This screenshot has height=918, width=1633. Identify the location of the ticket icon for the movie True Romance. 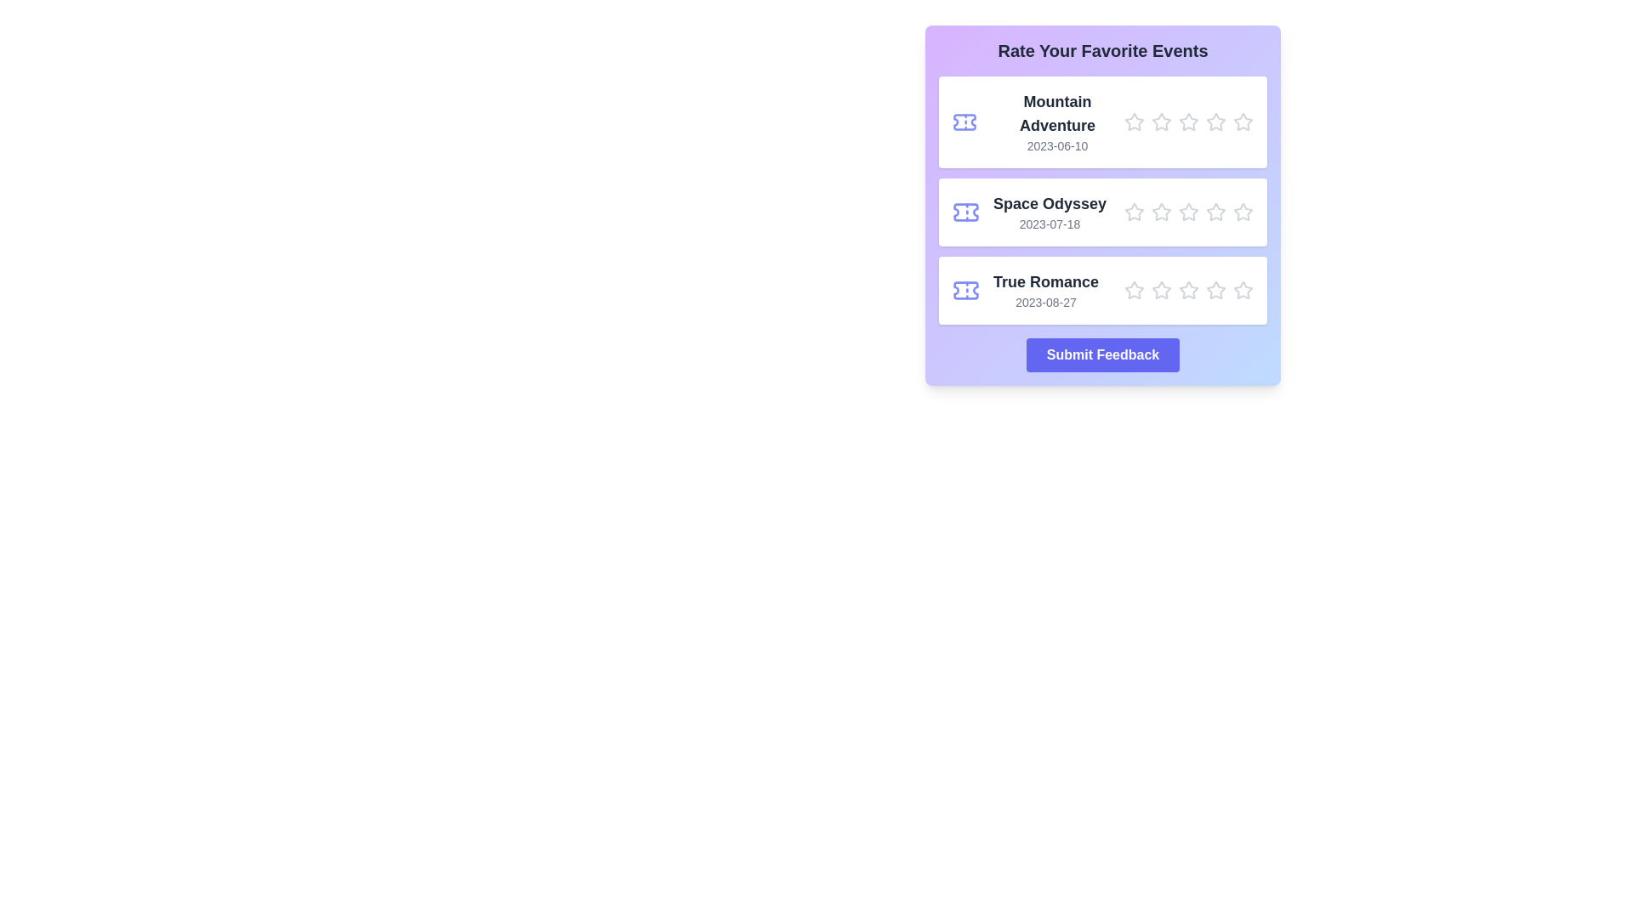
(966, 290).